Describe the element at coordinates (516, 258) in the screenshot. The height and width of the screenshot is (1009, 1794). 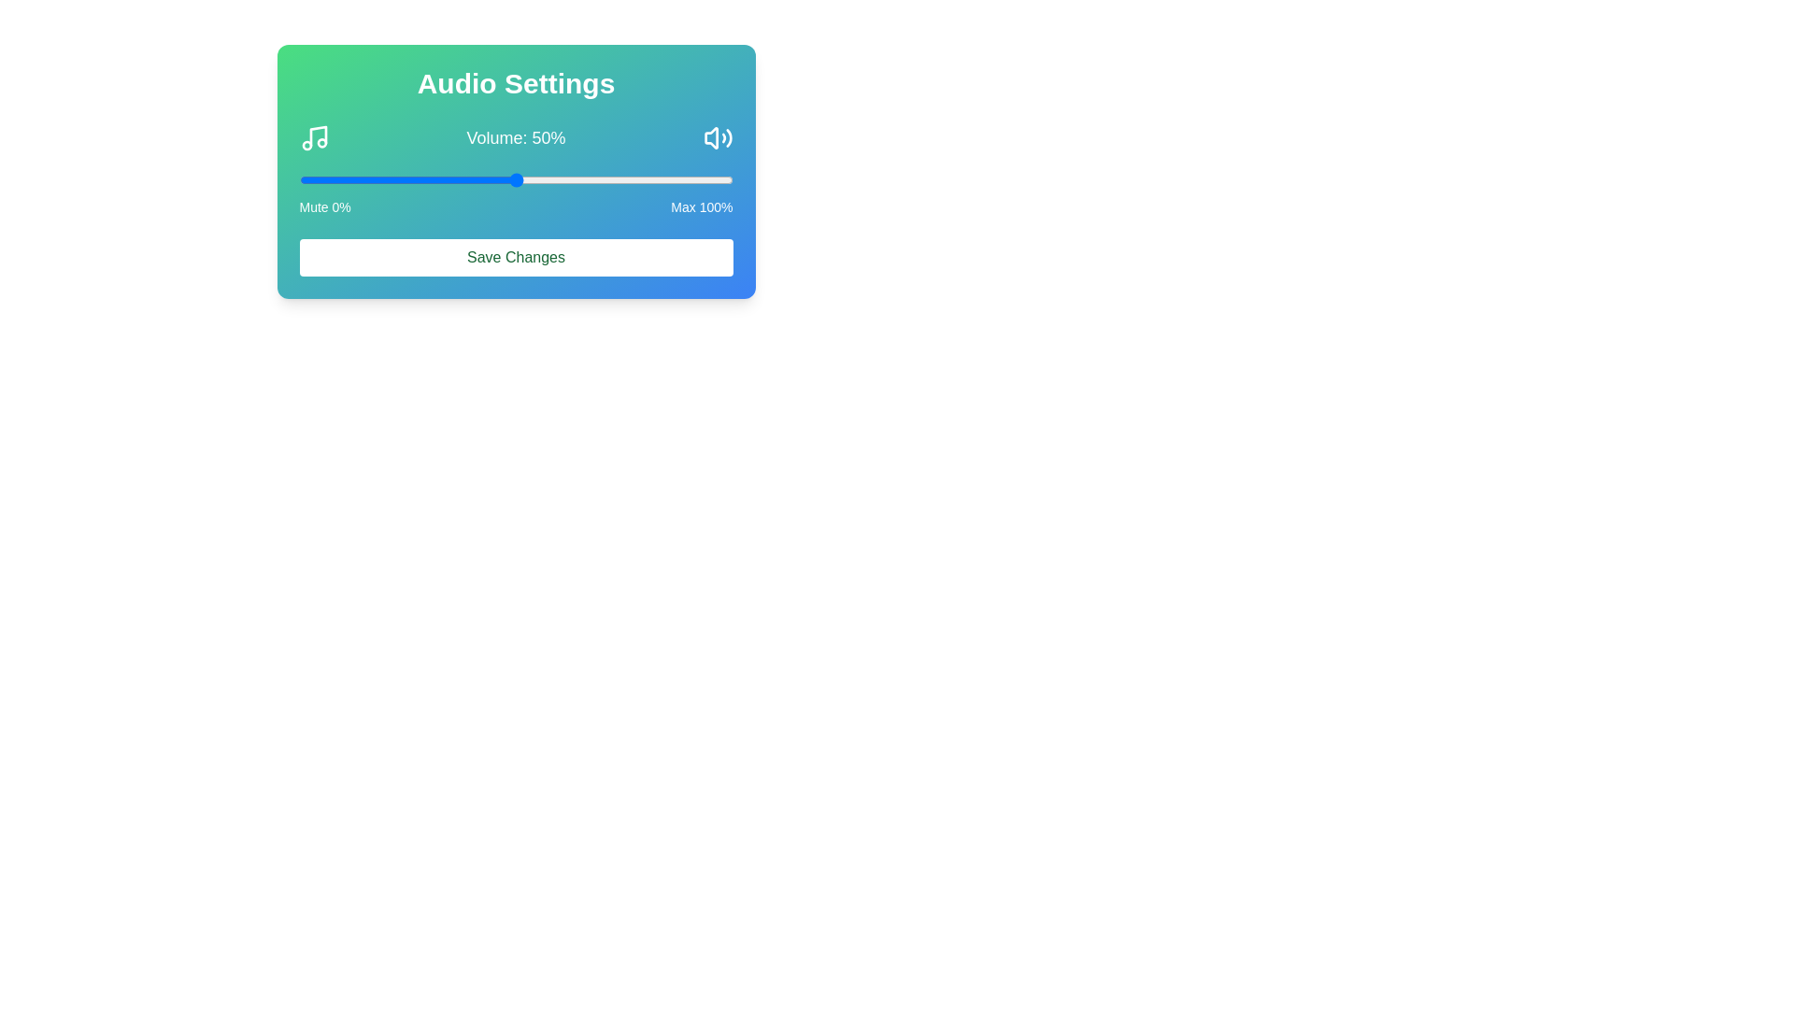
I see `'Save Changes' button` at that location.